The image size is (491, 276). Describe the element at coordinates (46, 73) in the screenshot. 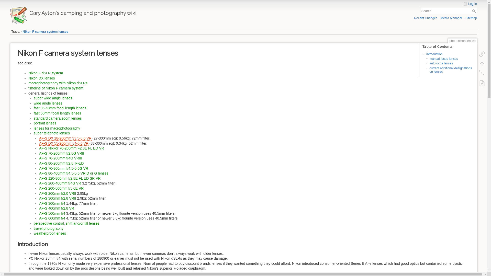

I see `'Nikon F dSLR system'` at that location.